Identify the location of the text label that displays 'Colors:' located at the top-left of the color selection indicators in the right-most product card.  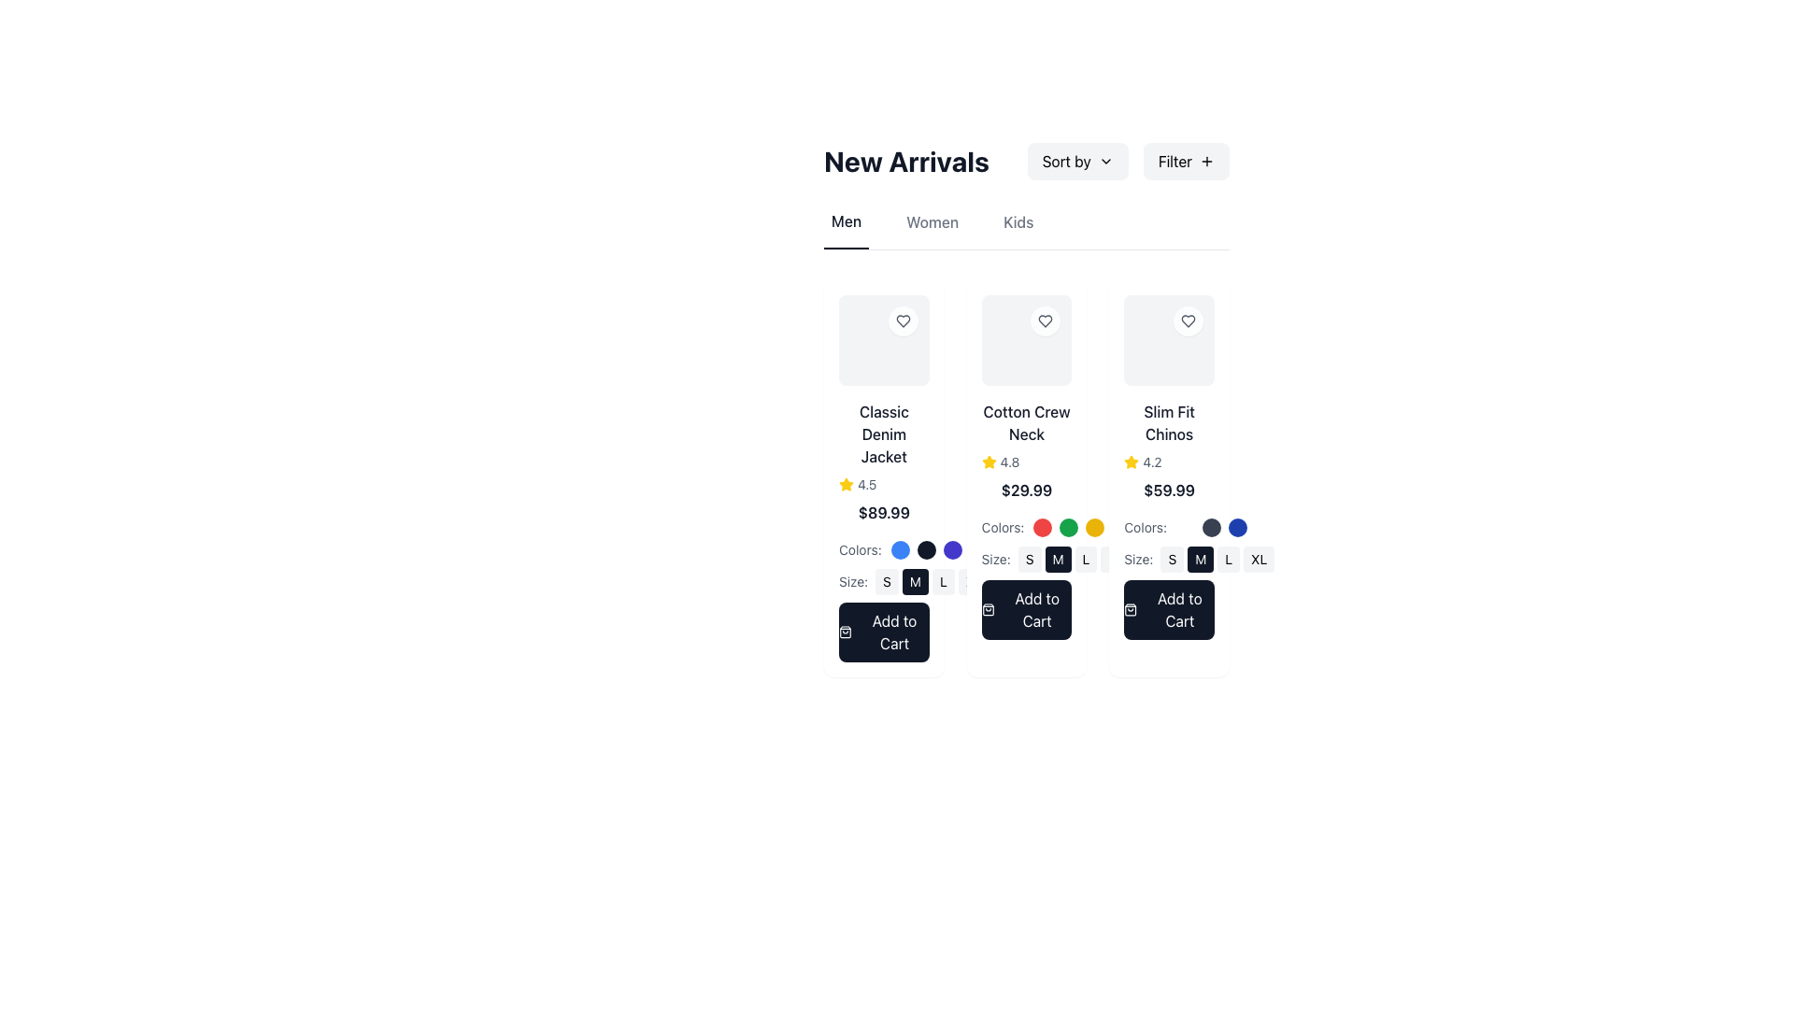
(1145, 527).